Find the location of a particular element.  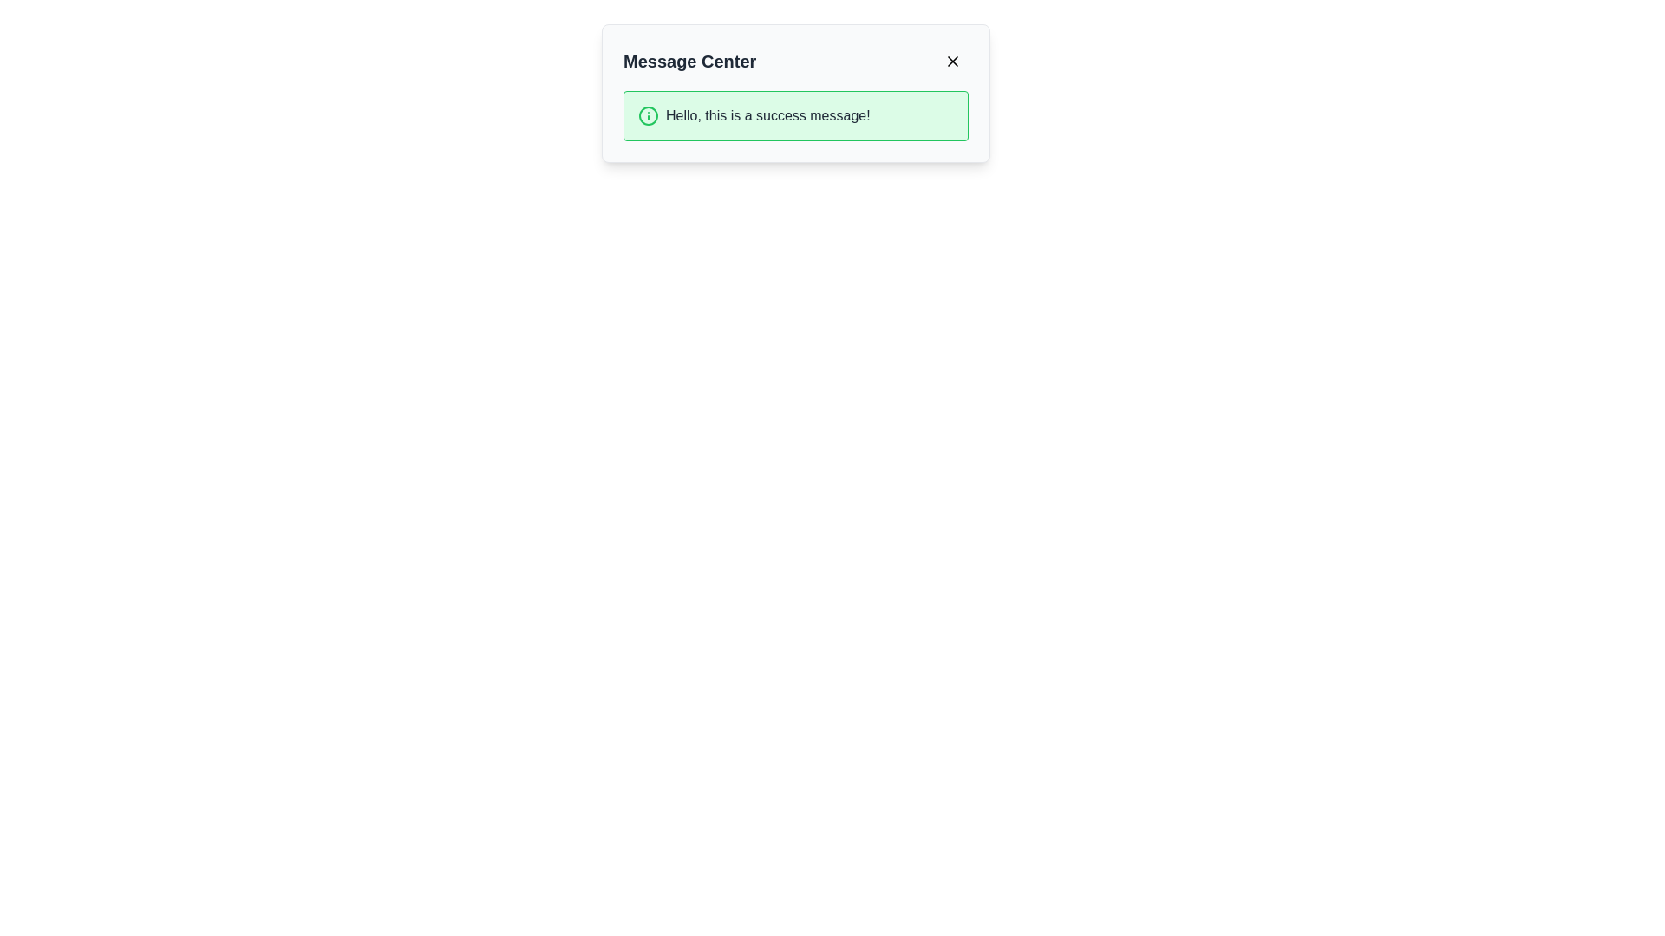

the close button located in the top-right corner of the 'Message Center' component is located at coordinates (952, 60).